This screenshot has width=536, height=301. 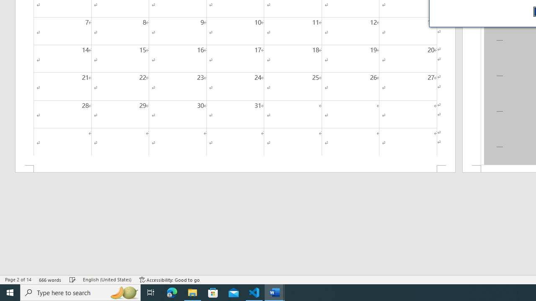 What do you see at coordinates (172, 292) in the screenshot?
I see `'Microsoft Edge'` at bounding box center [172, 292].